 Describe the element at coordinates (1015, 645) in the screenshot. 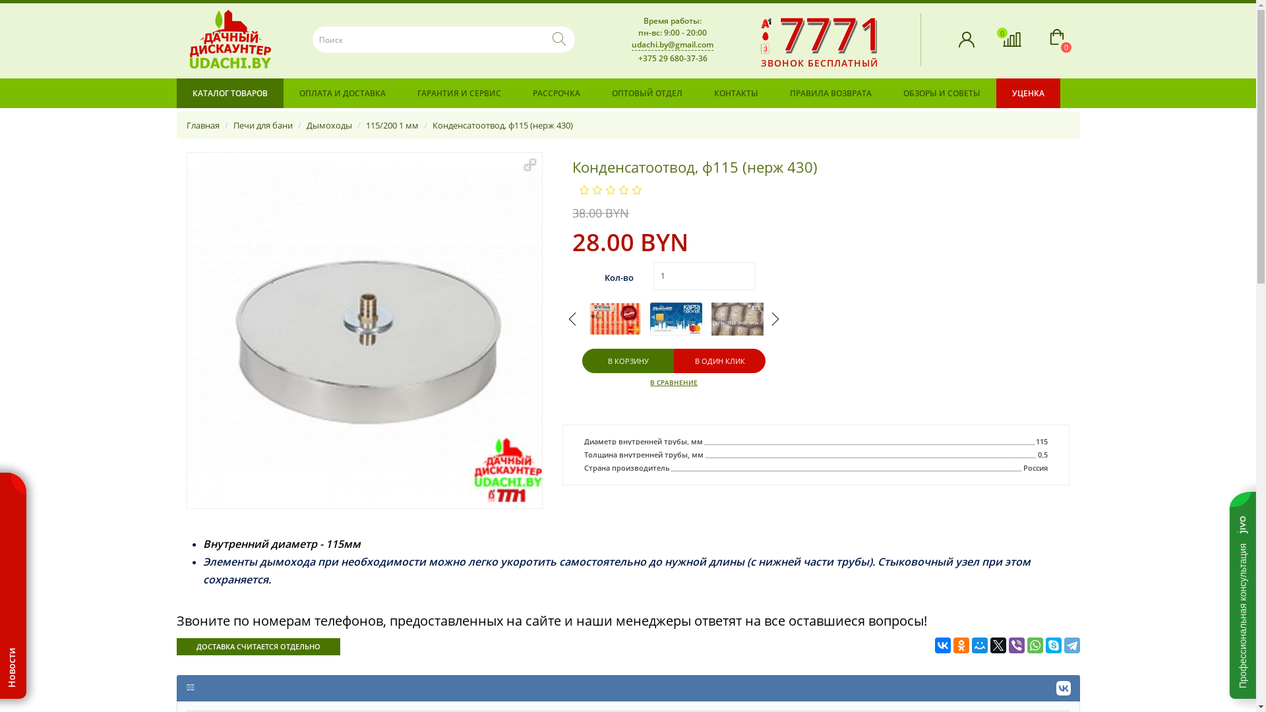

I see `'Viber'` at that location.